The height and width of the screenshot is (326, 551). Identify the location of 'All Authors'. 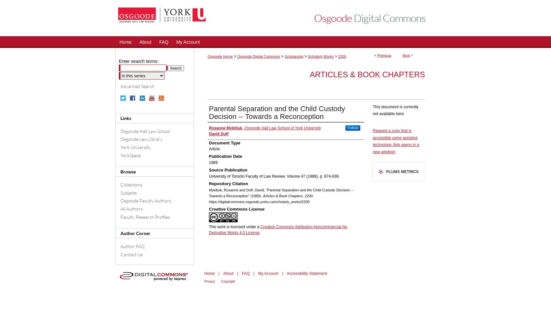
(120, 209).